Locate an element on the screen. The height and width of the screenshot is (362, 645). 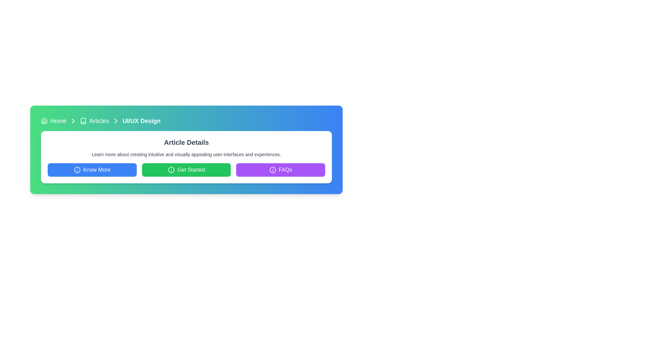
the decorative circle located at the top-left corner of the icon inside the green 'Get Started' button is located at coordinates (171, 169).